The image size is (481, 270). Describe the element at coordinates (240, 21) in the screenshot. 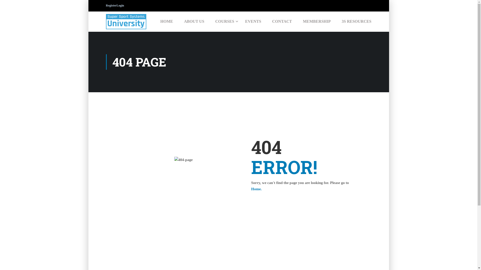

I see `'EVENTS'` at that location.